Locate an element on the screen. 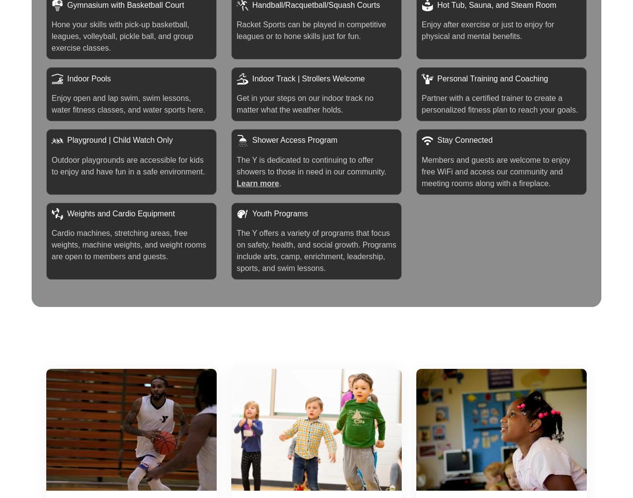 Image resolution: width=633 pixels, height=498 pixels. 'Indoor Pools' is located at coordinates (89, 77).